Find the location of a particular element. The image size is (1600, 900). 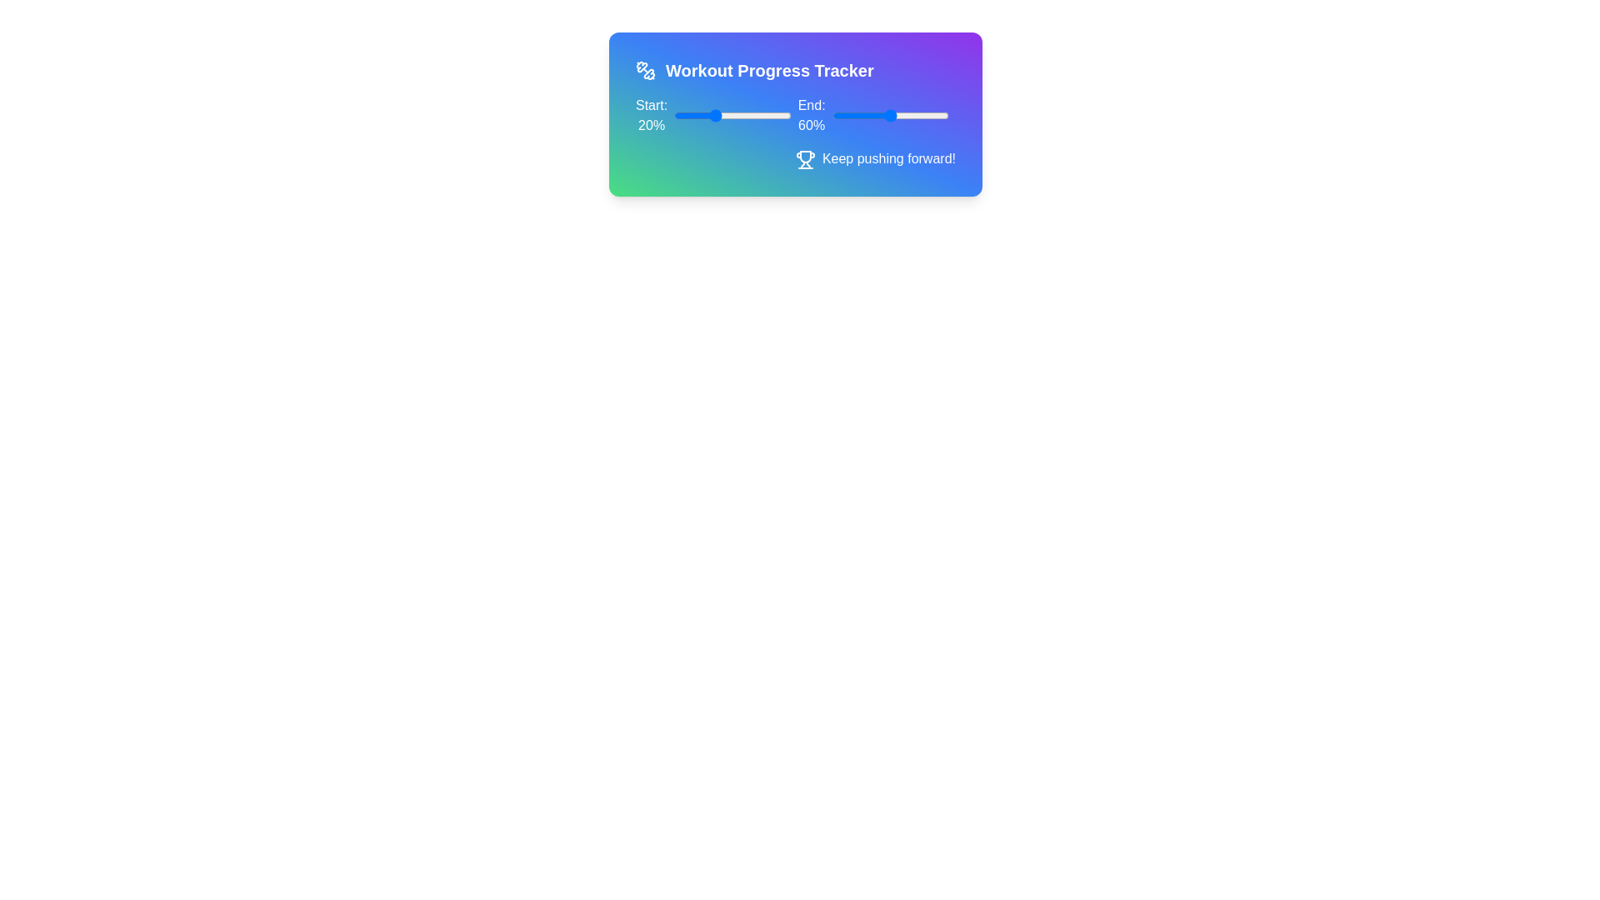

the slider value is located at coordinates (767, 114).